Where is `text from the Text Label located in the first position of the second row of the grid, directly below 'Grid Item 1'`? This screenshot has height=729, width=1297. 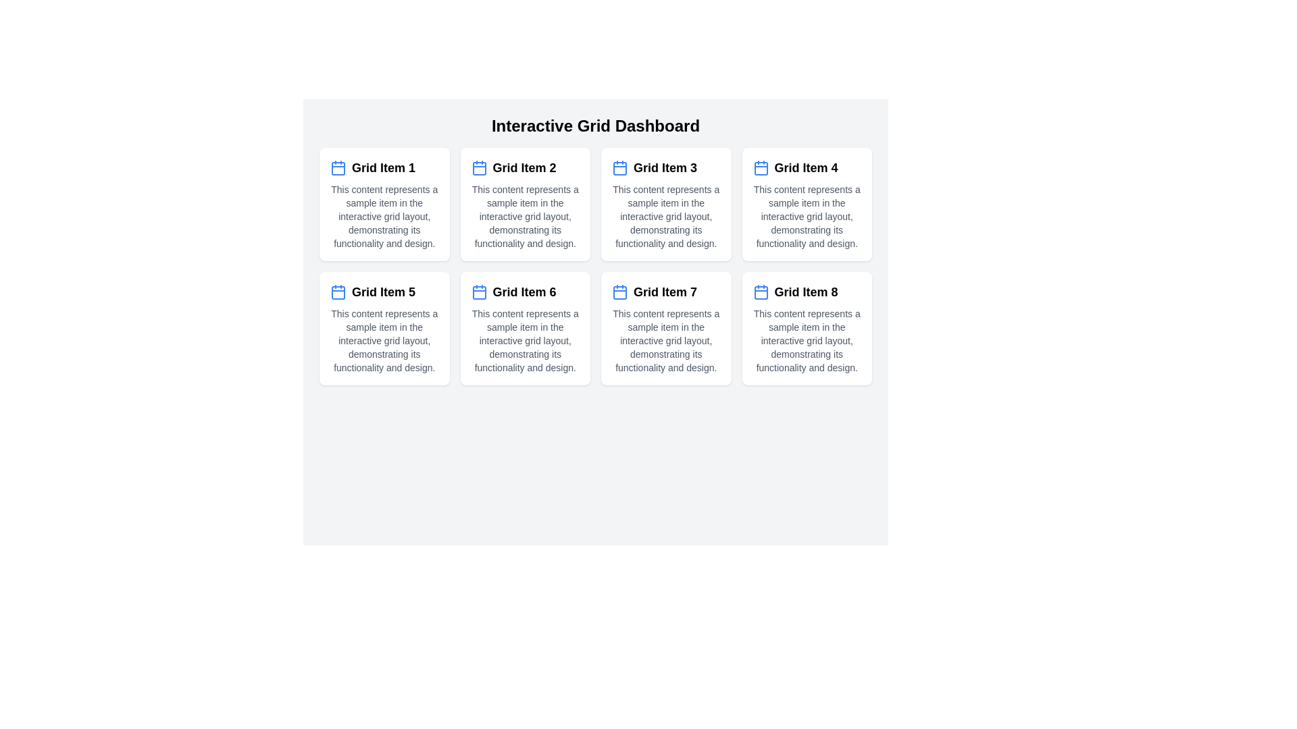 text from the Text Label located in the first position of the second row of the grid, directly below 'Grid Item 1' is located at coordinates (382, 291).